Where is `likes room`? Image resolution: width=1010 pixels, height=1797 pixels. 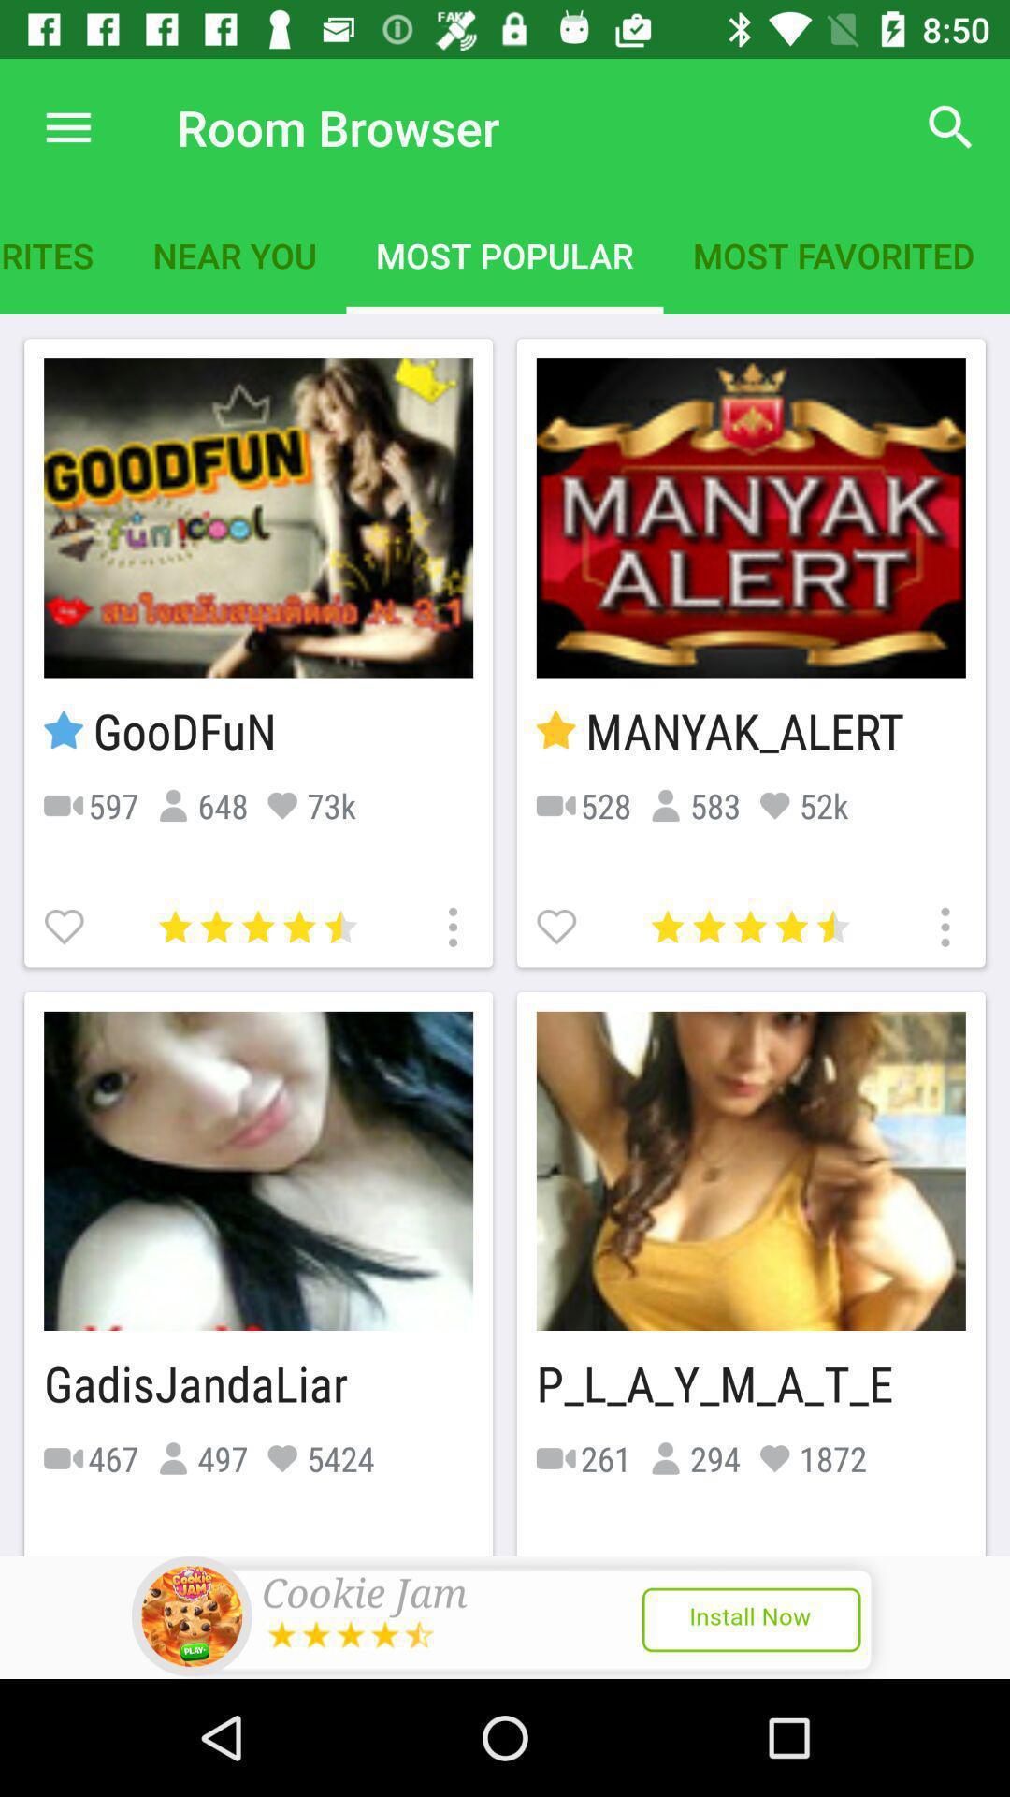
likes room is located at coordinates (557, 925).